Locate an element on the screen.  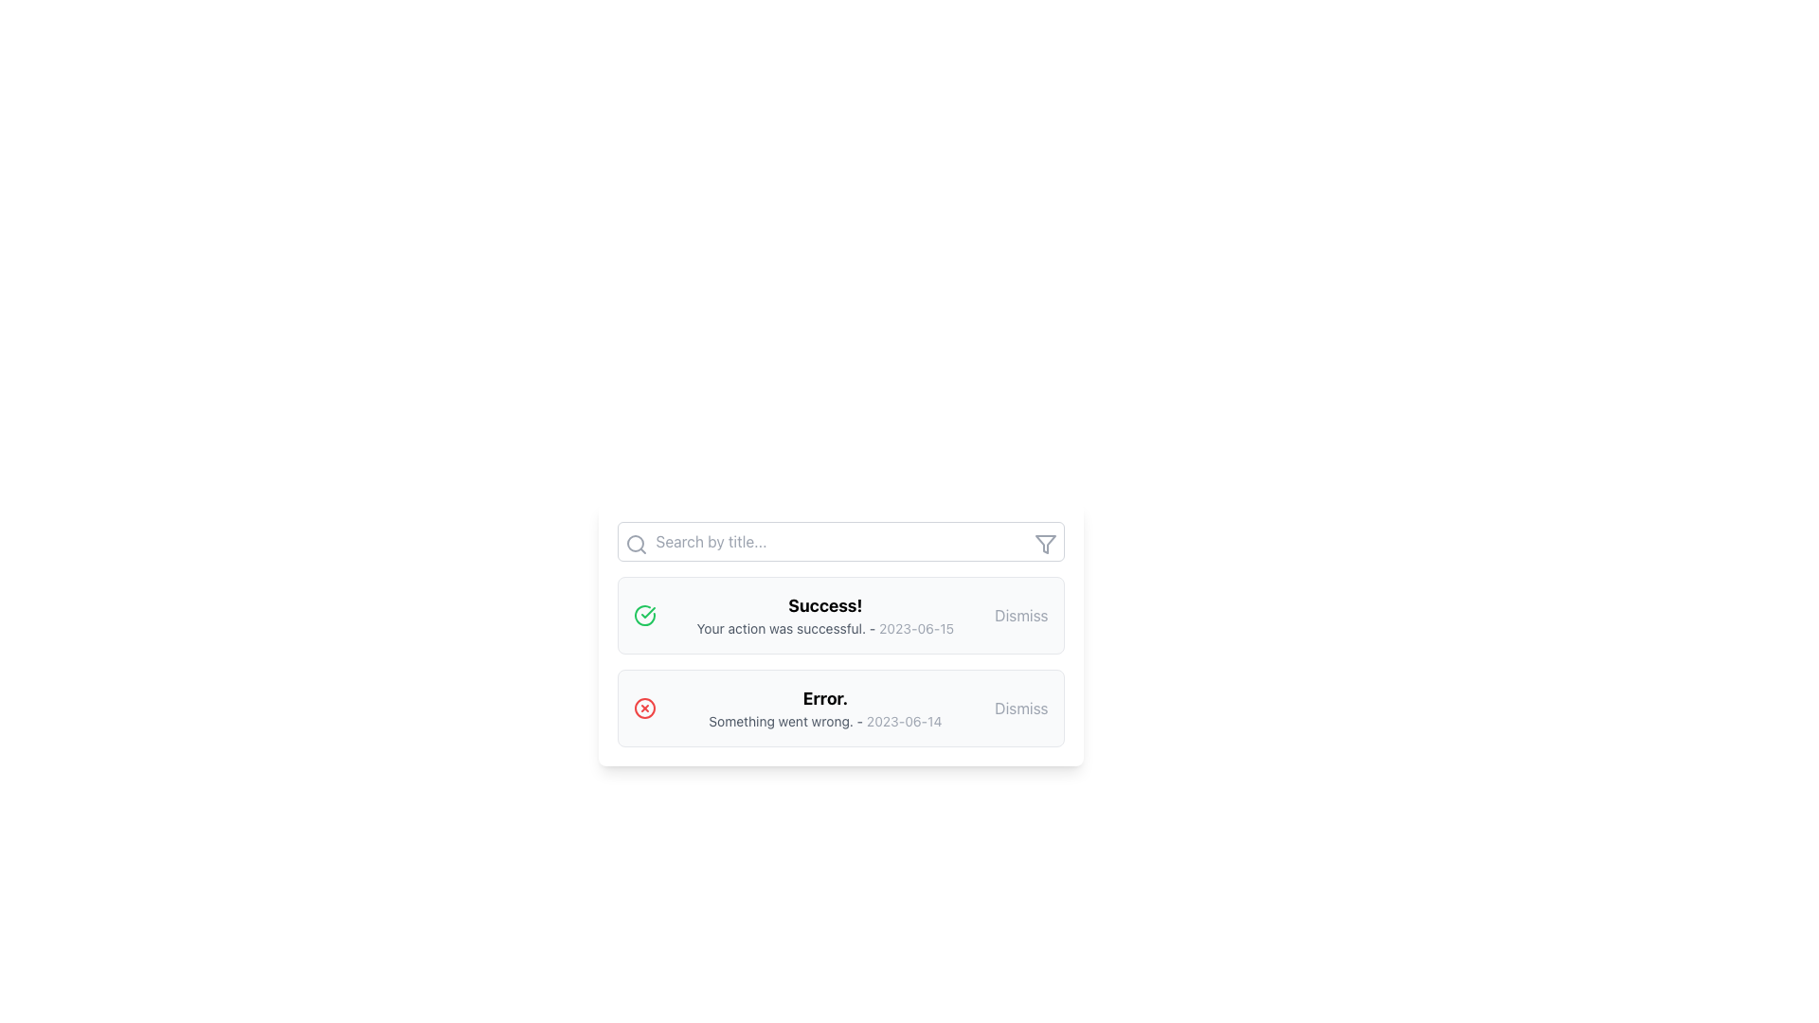
the status message text that provides feedback about a successful action, located below 'Success!' and to the left of the 'Dismiss' button, containing the timestamp '2023-06-15' is located at coordinates (825, 628).